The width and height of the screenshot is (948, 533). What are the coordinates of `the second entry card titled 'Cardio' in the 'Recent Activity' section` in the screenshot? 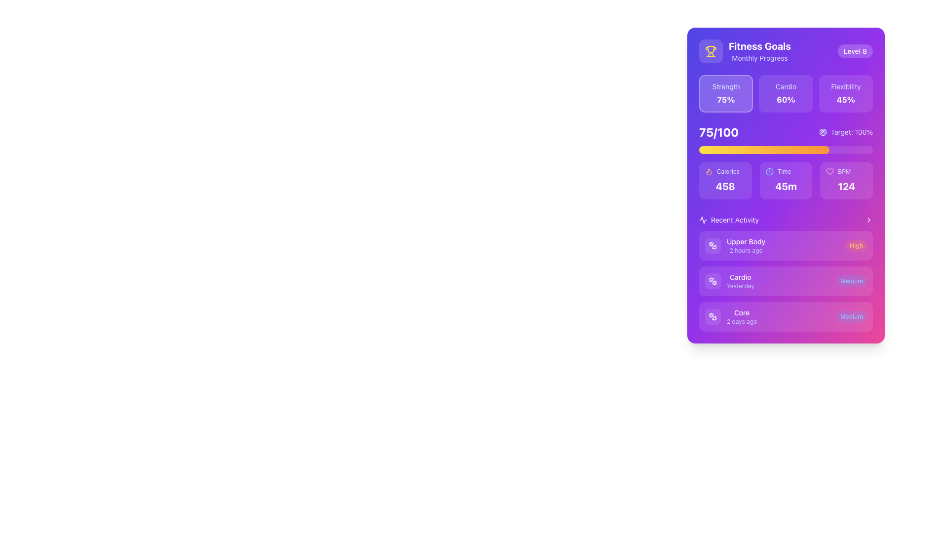 It's located at (729, 281).